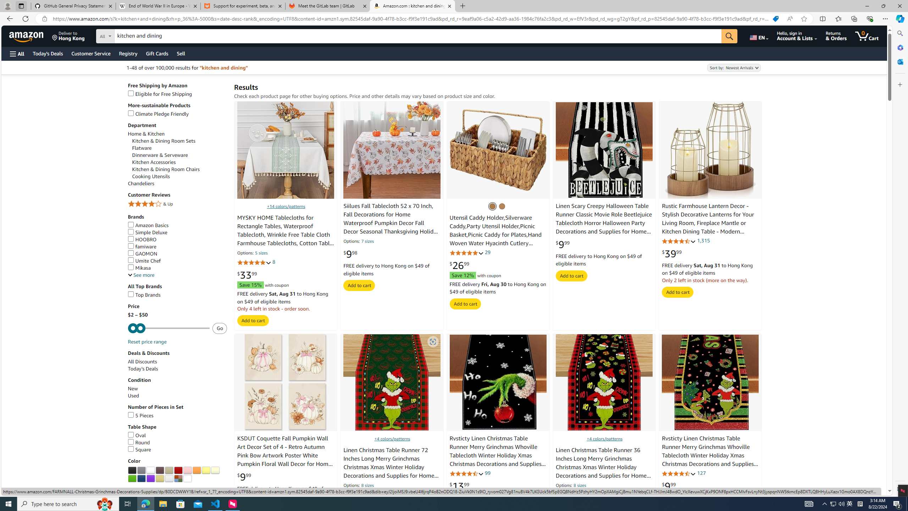 The height and width of the screenshot is (511, 908). Describe the element at coordinates (187, 470) in the screenshot. I see `'AutomationID: p_n_feature_twenty_browse-bin/3254104011'` at that location.